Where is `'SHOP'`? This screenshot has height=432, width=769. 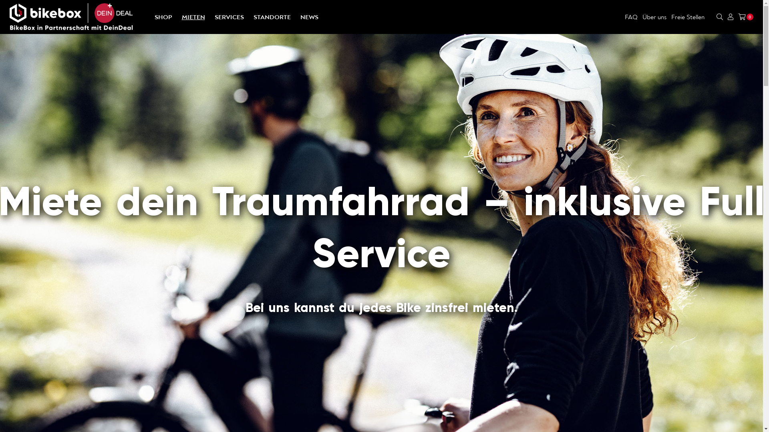 'SHOP' is located at coordinates (154, 17).